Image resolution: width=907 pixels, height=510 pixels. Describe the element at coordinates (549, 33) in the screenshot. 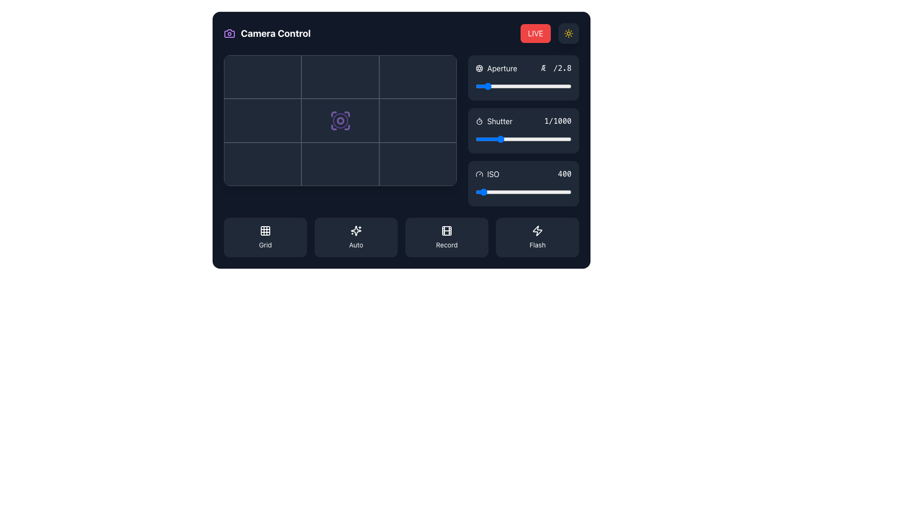

I see `the rectangular button with a red background and white text displaying 'LIVE'` at that location.